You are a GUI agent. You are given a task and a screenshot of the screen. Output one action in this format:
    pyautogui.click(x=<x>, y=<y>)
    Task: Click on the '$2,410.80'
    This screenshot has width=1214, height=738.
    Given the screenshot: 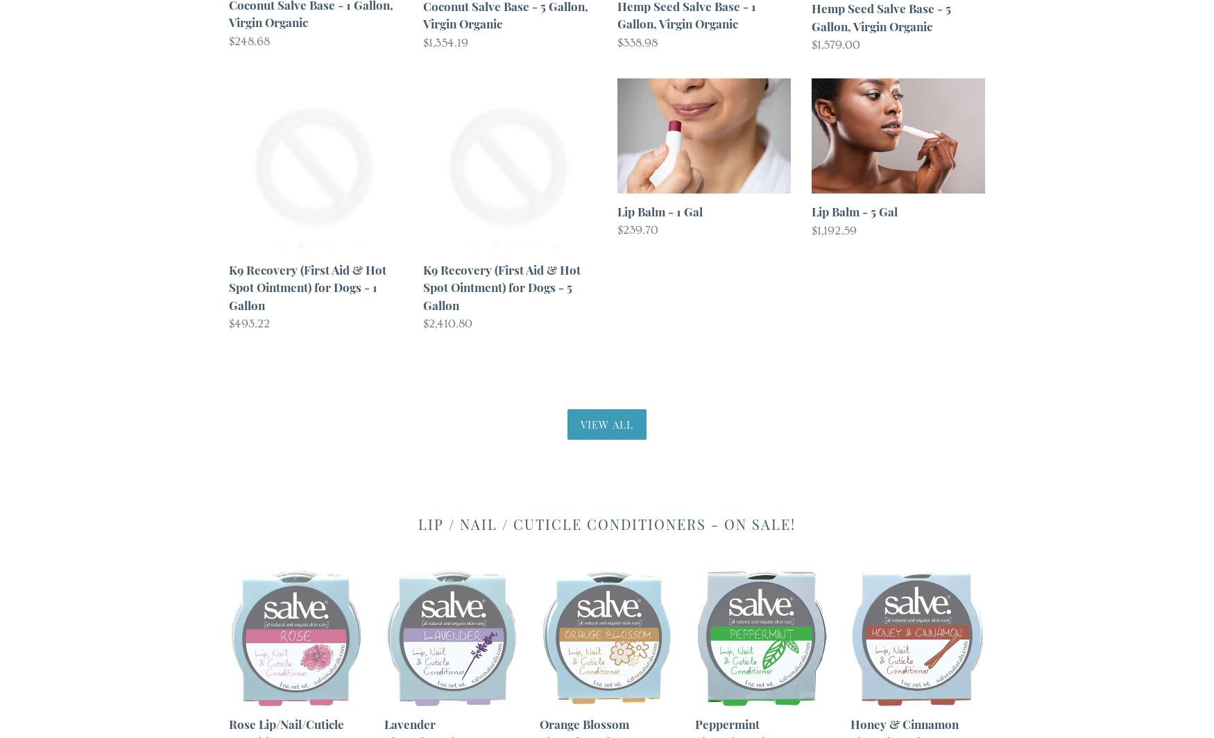 What is the action you would take?
    pyautogui.click(x=423, y=323)
    